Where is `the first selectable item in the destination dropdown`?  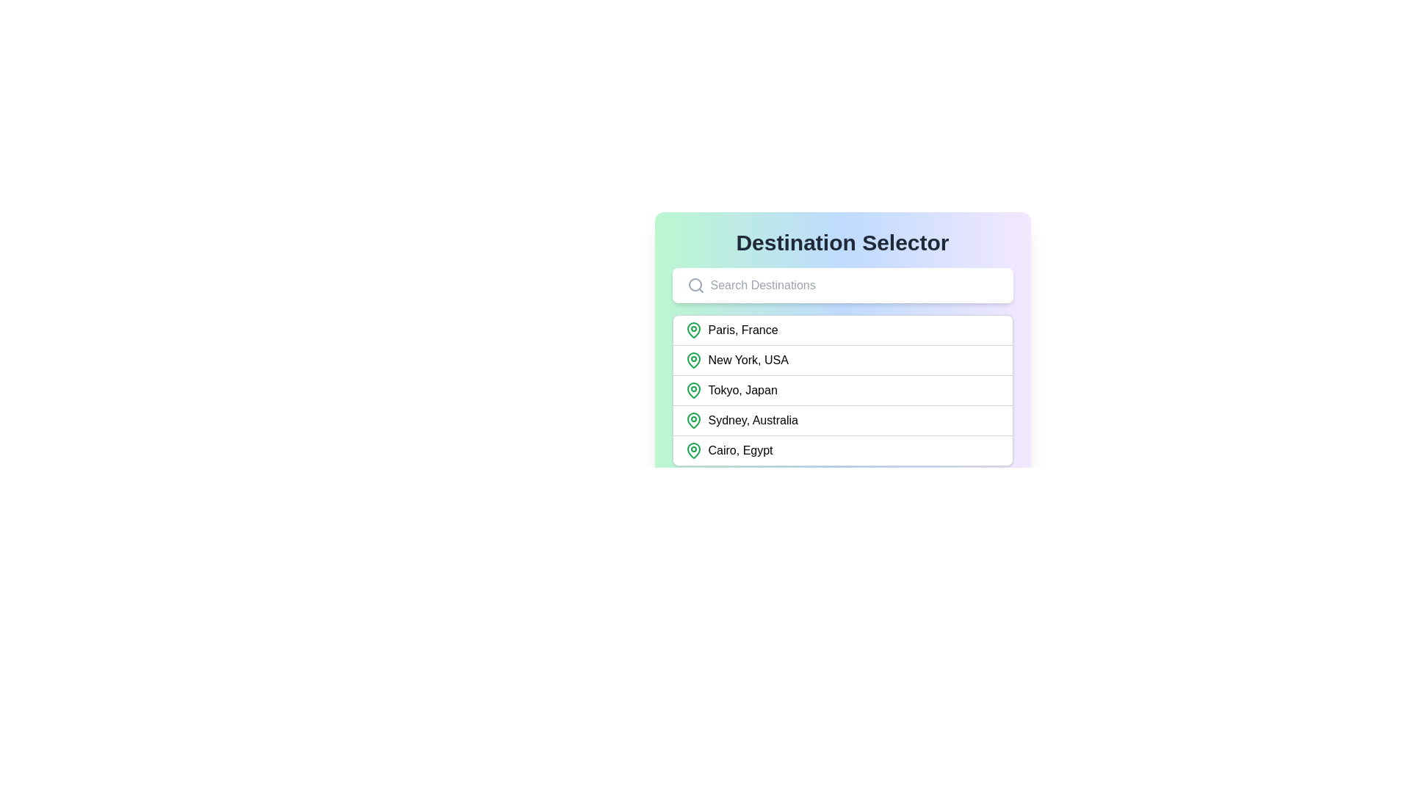 the first selectable item in the destination dropdown is located at coordinates (842, 330).